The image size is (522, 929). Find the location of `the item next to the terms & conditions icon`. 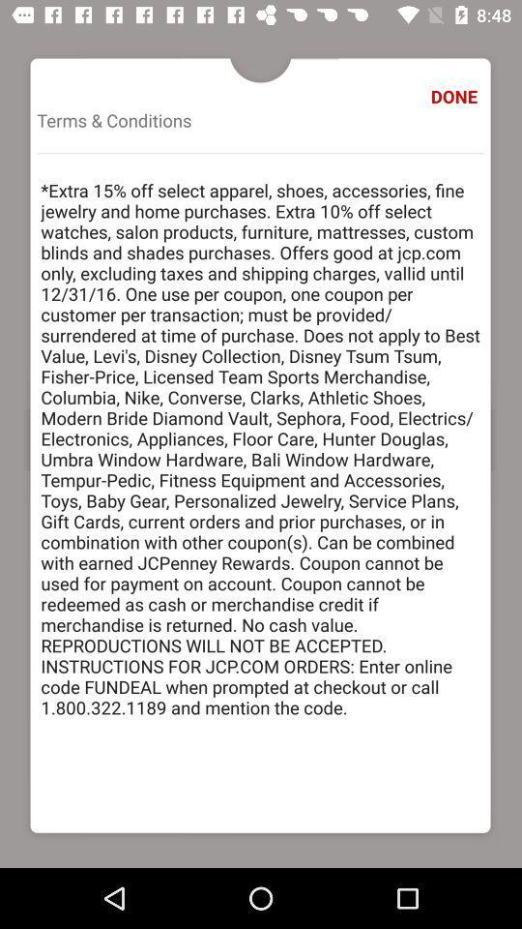

the item next to the terms & conditions icon is located at coordinates (456, 96).